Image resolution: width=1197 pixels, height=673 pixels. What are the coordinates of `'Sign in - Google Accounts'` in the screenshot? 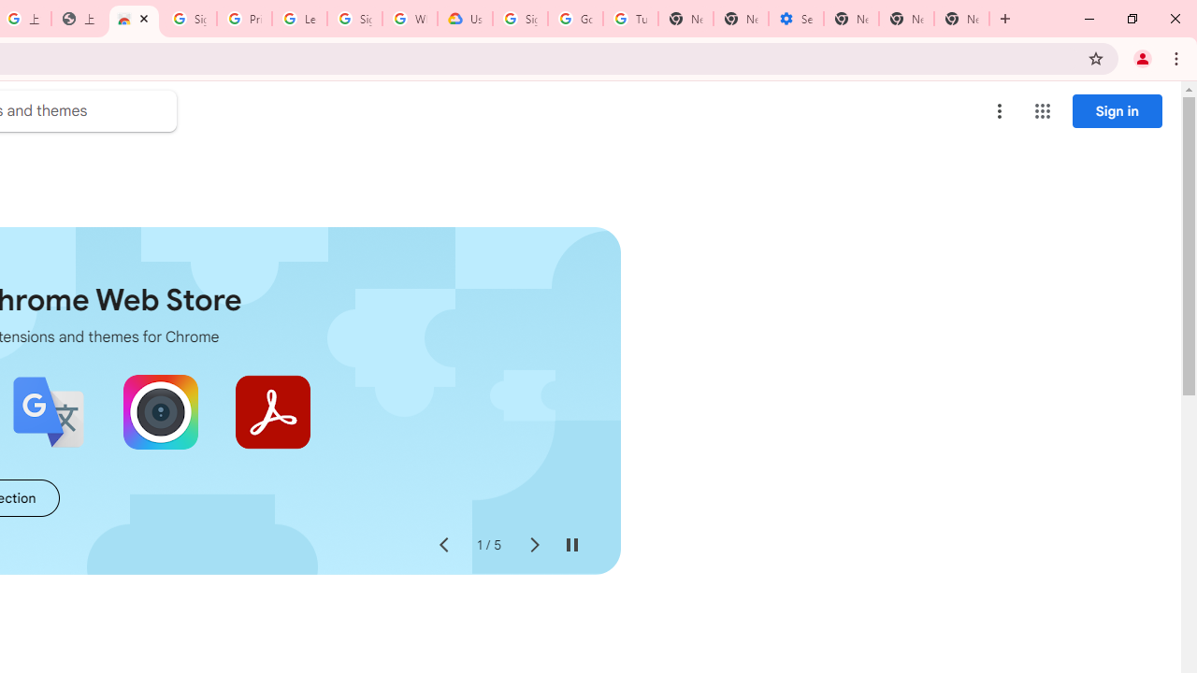 It's located at (354, 19).